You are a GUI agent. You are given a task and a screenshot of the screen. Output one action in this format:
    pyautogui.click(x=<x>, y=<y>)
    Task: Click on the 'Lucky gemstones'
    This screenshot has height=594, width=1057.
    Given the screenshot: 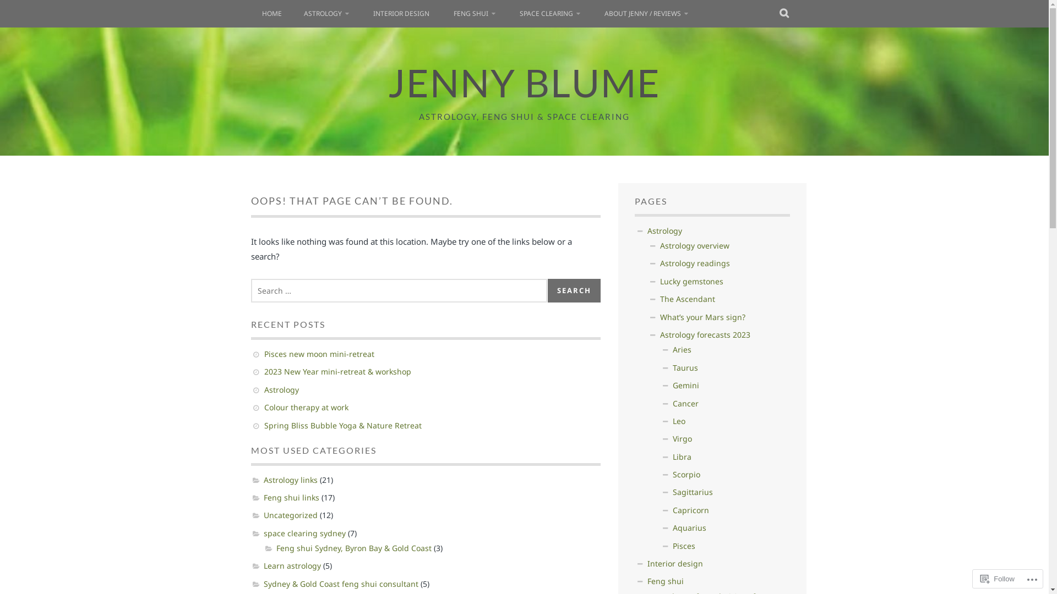 What is the action you would take?
    pyautogui.click(x=691, y=280)
    